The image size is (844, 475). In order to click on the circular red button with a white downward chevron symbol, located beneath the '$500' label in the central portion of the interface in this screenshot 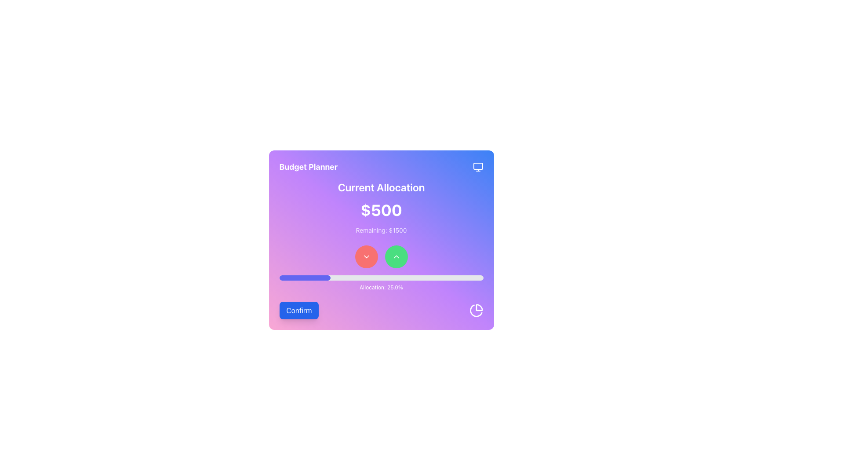, I will do `click(366, 256)`.